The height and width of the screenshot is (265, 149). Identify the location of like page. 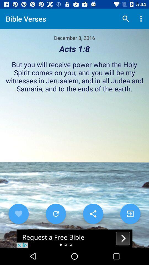
(18, 213).